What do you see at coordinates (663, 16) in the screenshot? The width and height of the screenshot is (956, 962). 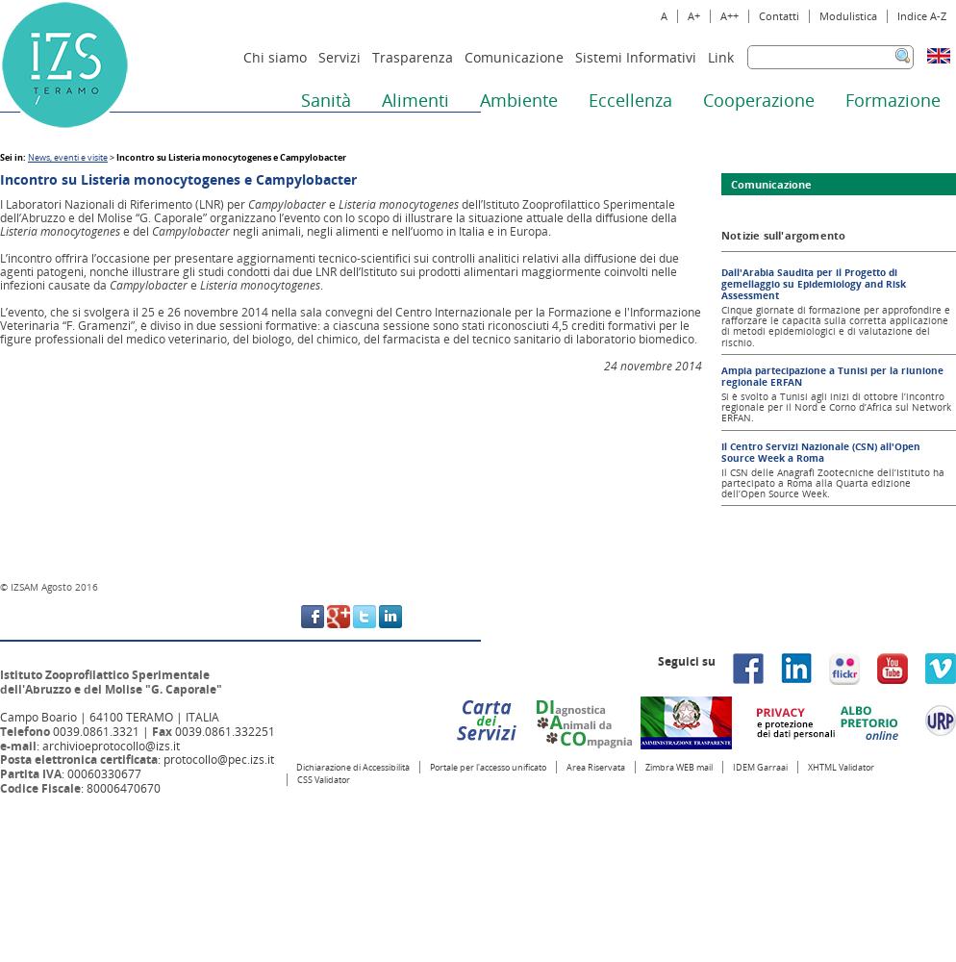 I see `'A'` at bounding box center [663, 16].